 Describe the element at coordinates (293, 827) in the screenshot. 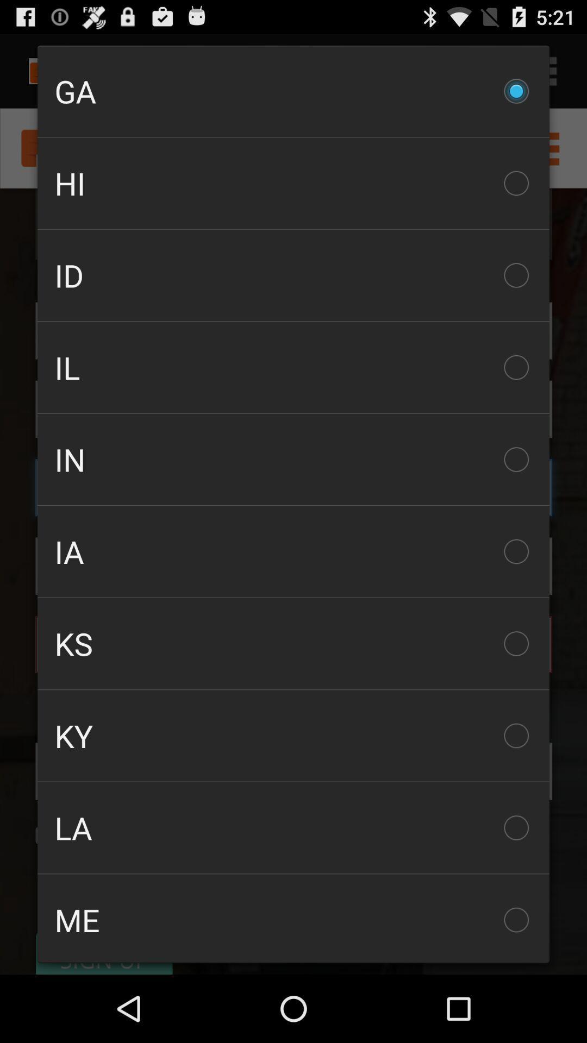

I see `the item above me icon` at that location.